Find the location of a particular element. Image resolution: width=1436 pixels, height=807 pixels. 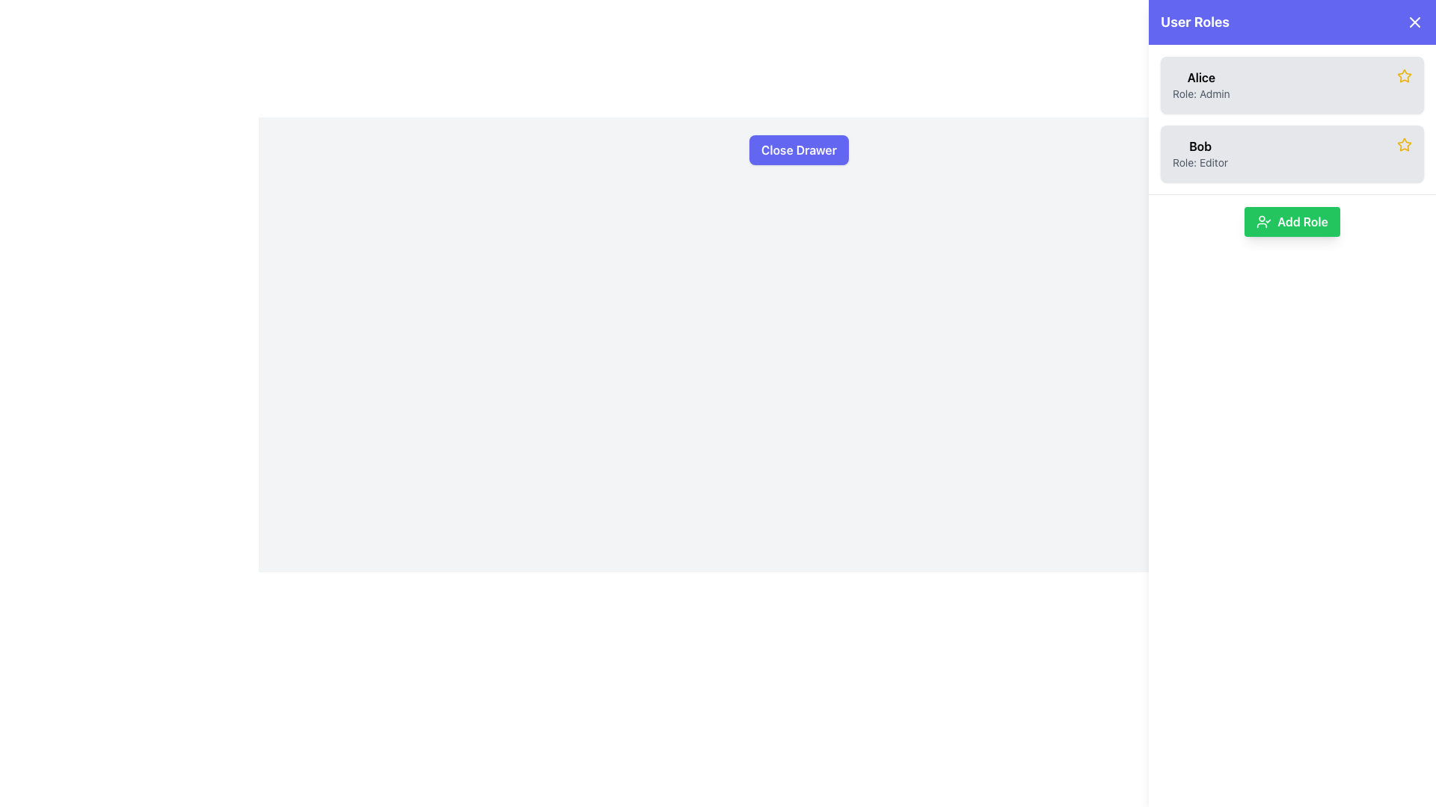

the text element displaying the name 'Bob' in the user roles panel, which is located above 'Role: Editor' and below 'Alice' is located at coordinates (1200, 146).